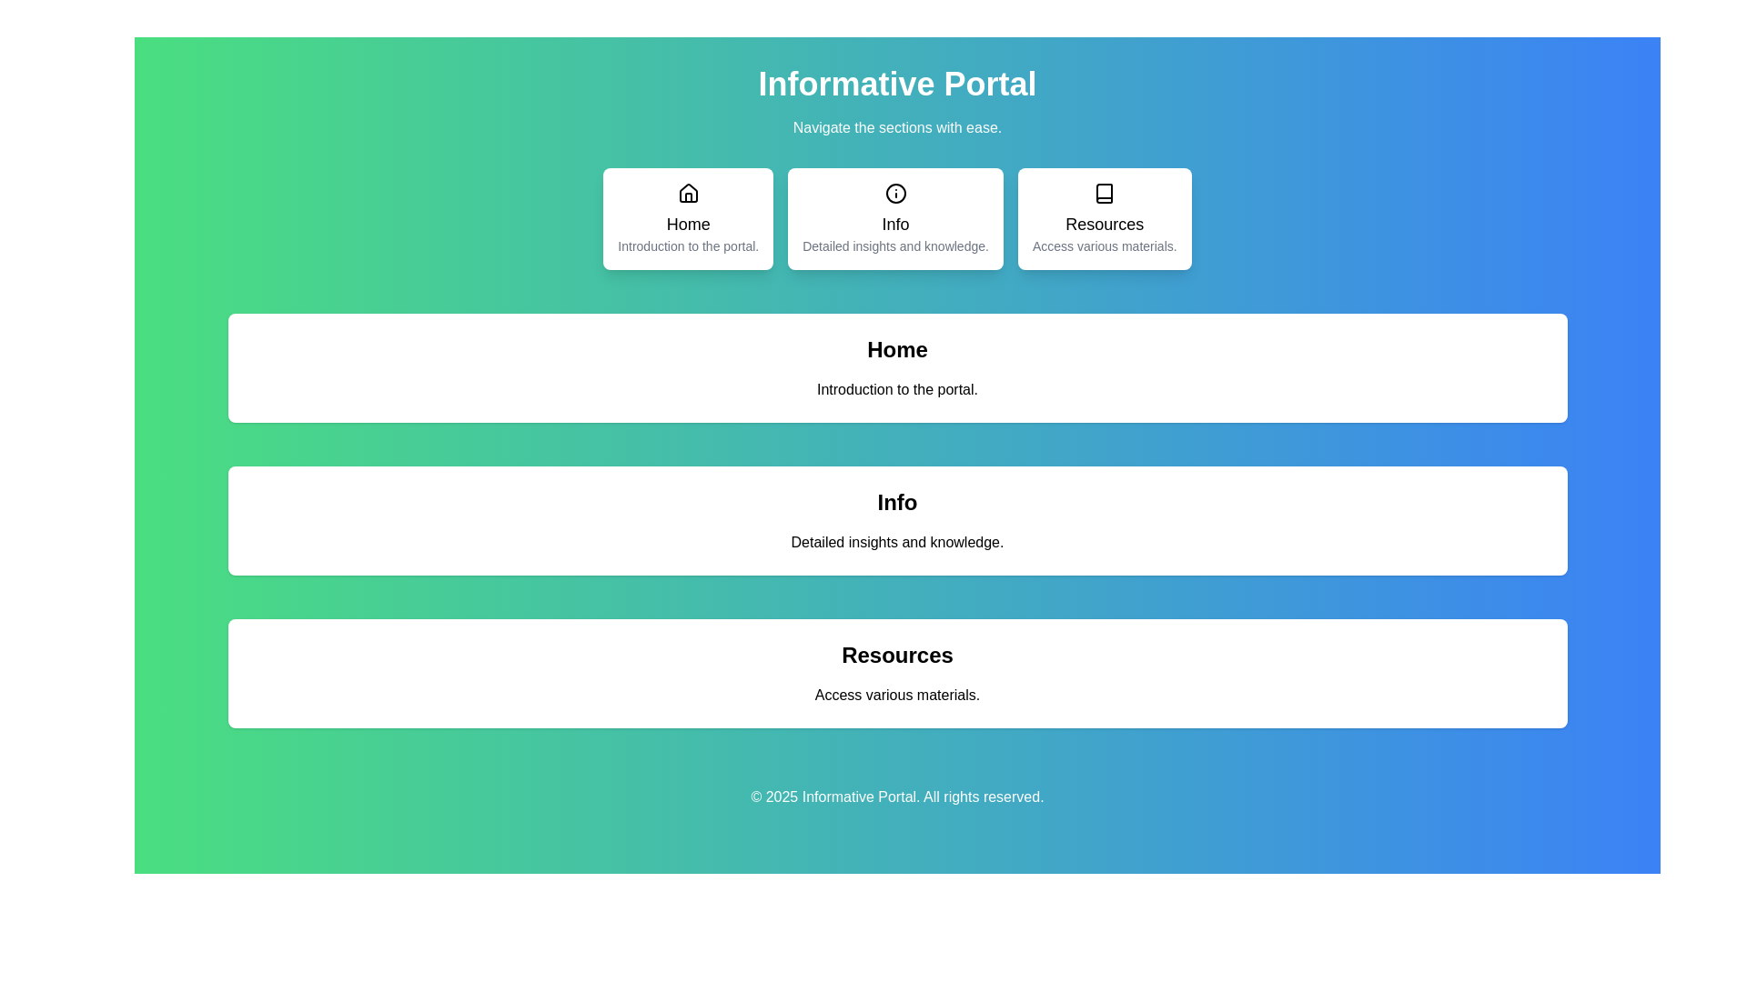 The image size is (1747, 982). Describe the element at coordinates (895, 223) in the screenshot. I see `Text label located at the center of the middle card, which serves as the title or heading, positioned directly below the circular information icon` at that location.